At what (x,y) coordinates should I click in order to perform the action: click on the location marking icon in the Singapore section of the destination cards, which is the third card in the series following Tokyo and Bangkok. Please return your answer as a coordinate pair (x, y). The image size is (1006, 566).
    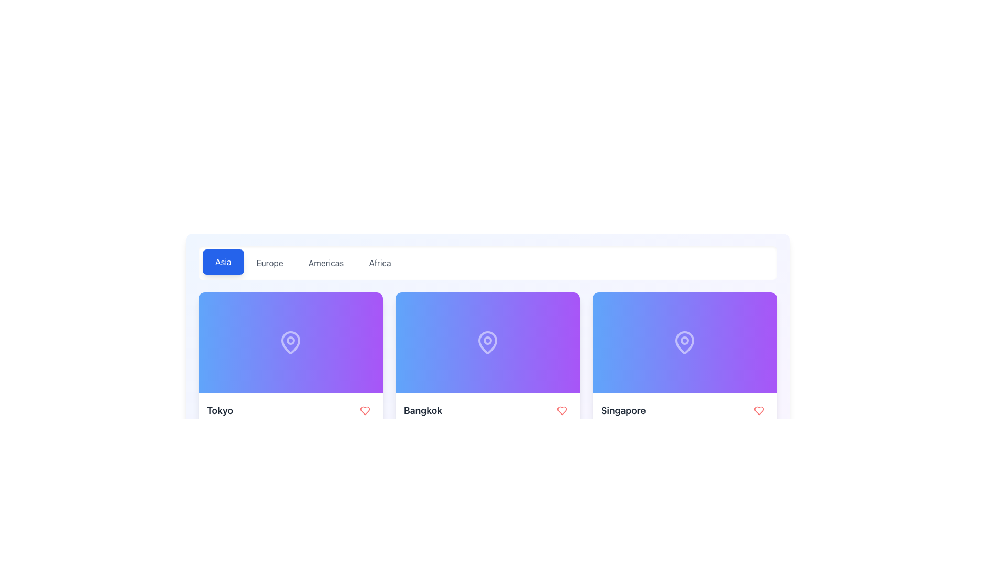
    Looking at the image, I should click on (684, 343).